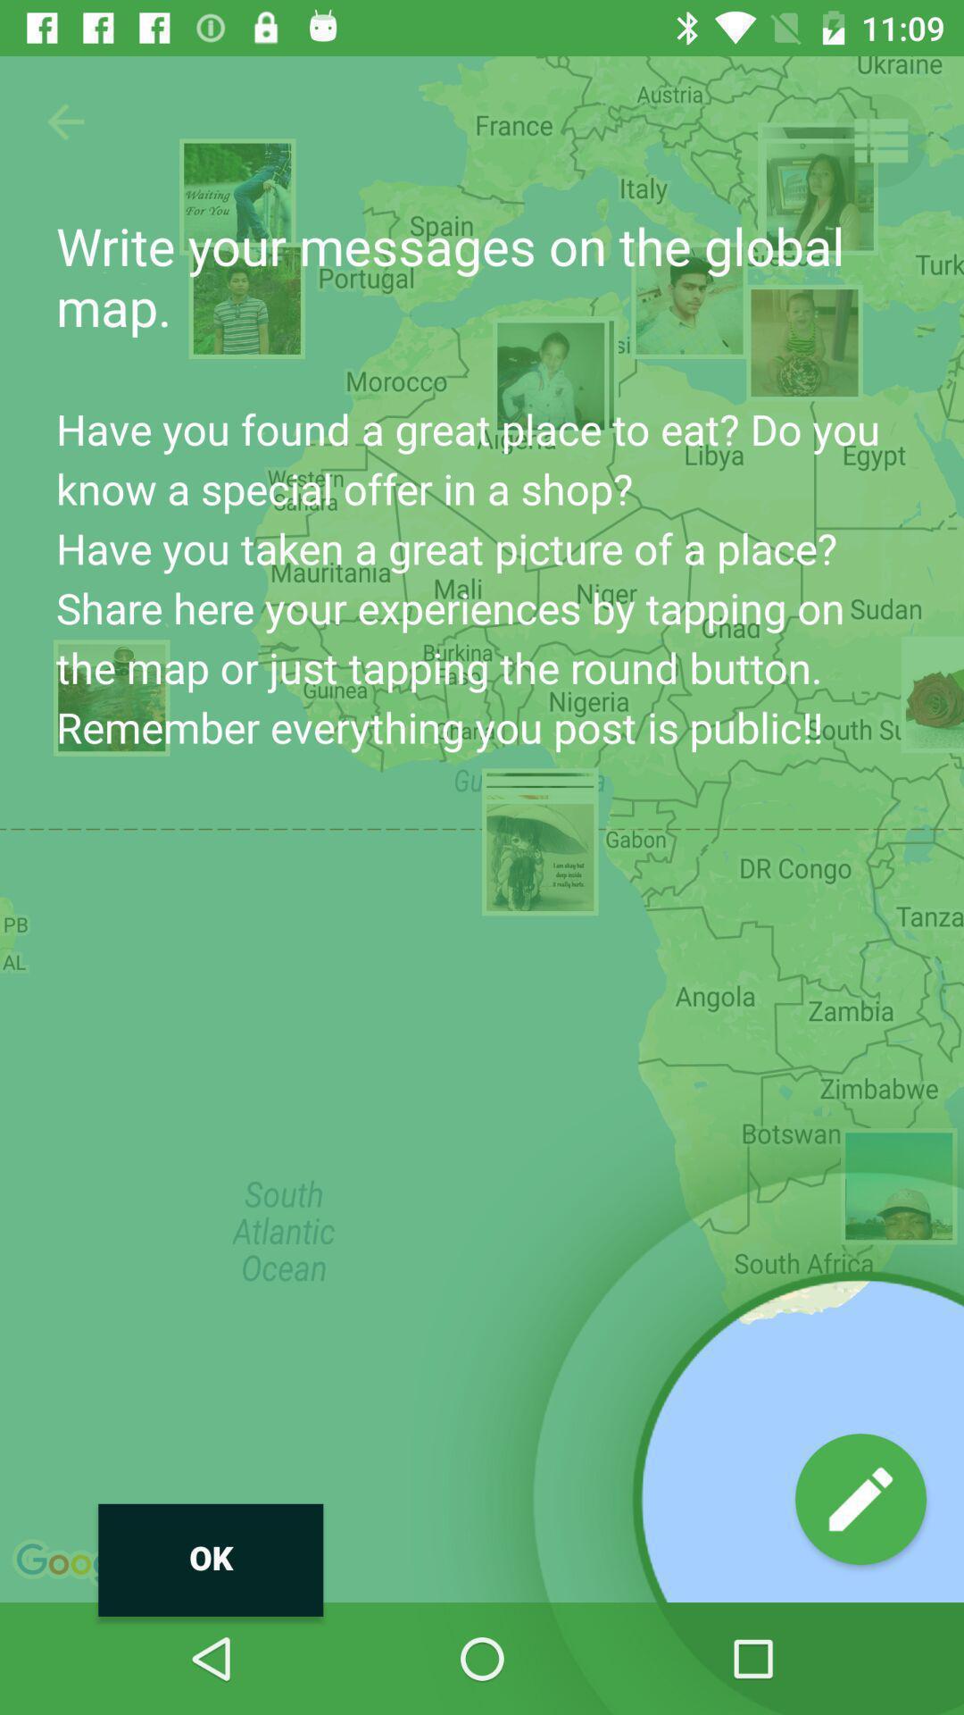 This screenshot has height=1715, width=964. Describe the element at coordinates (878, 139) in the screenshot. I see `open more options` at that location.